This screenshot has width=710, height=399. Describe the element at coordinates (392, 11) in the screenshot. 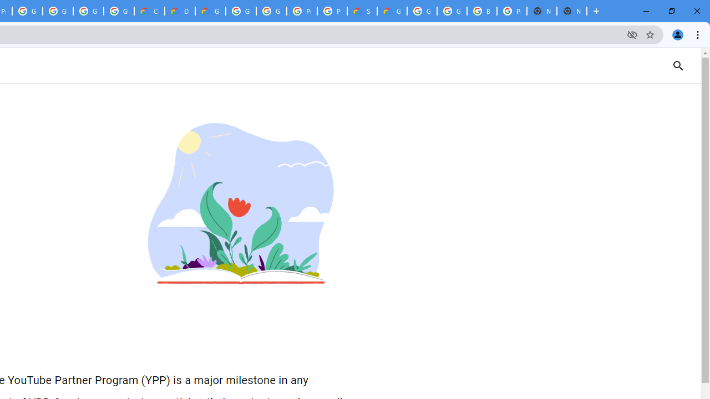

I see `'Google Cloud Service Health'` at that location.